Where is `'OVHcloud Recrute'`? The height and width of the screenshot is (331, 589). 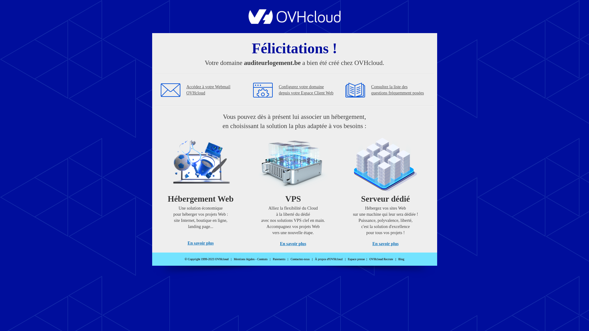 'OVHcloud Recrute' is located at coordinates (381, 259).